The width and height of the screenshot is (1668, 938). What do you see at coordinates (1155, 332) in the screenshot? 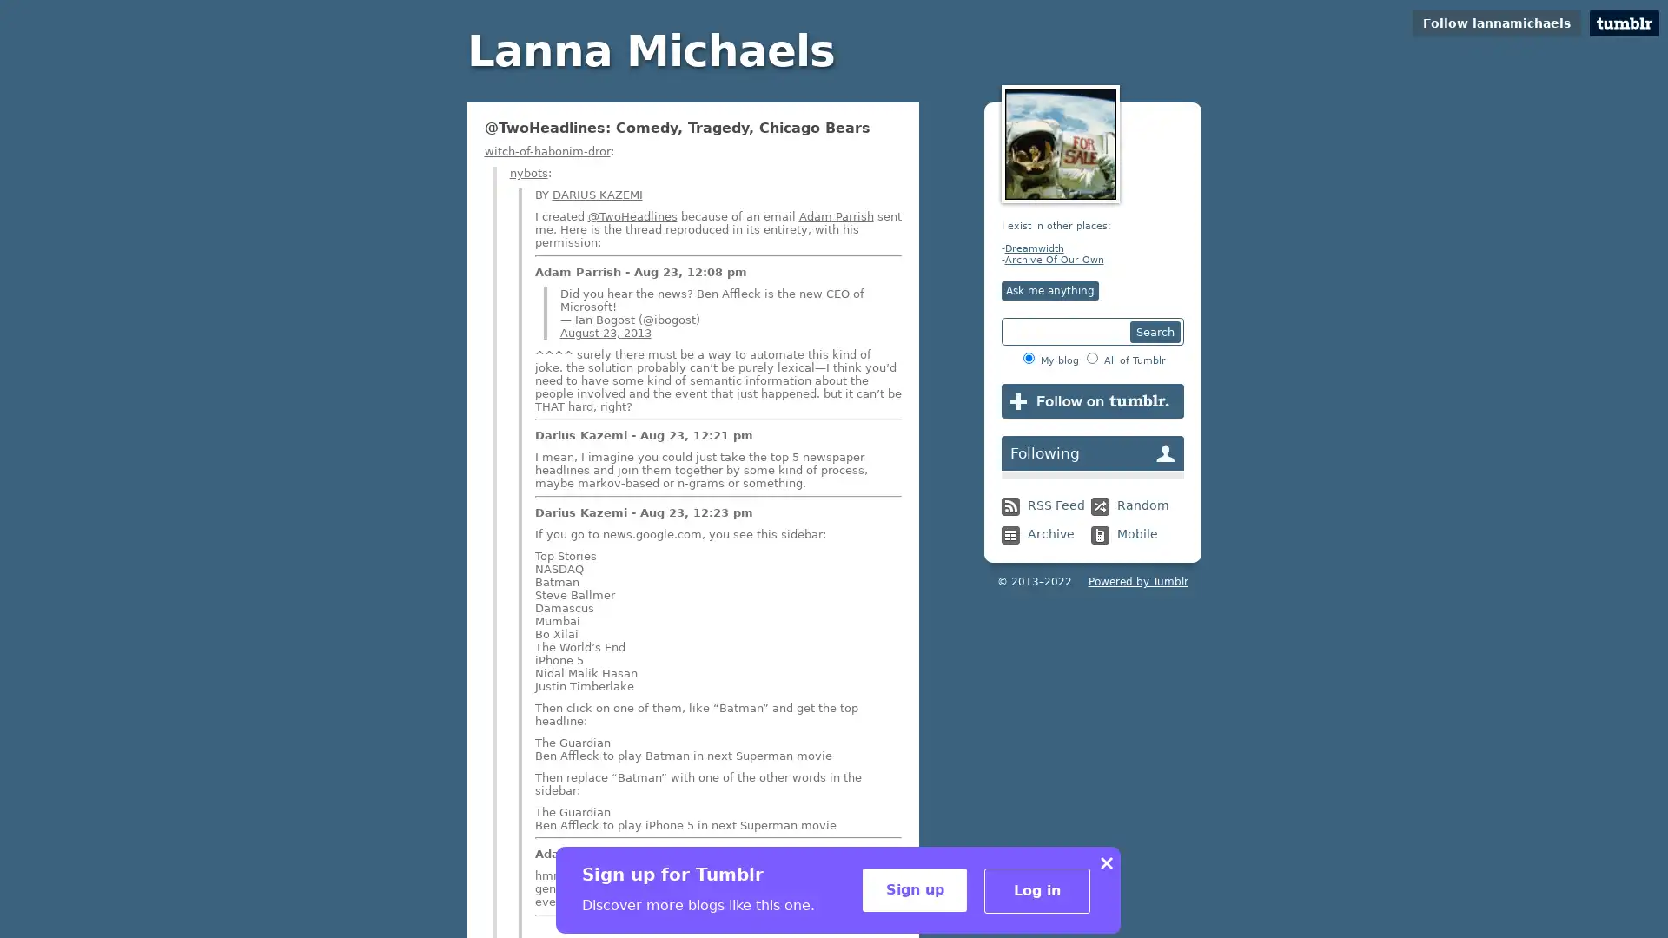
I see `Search` at bounding box center [1155, 332].